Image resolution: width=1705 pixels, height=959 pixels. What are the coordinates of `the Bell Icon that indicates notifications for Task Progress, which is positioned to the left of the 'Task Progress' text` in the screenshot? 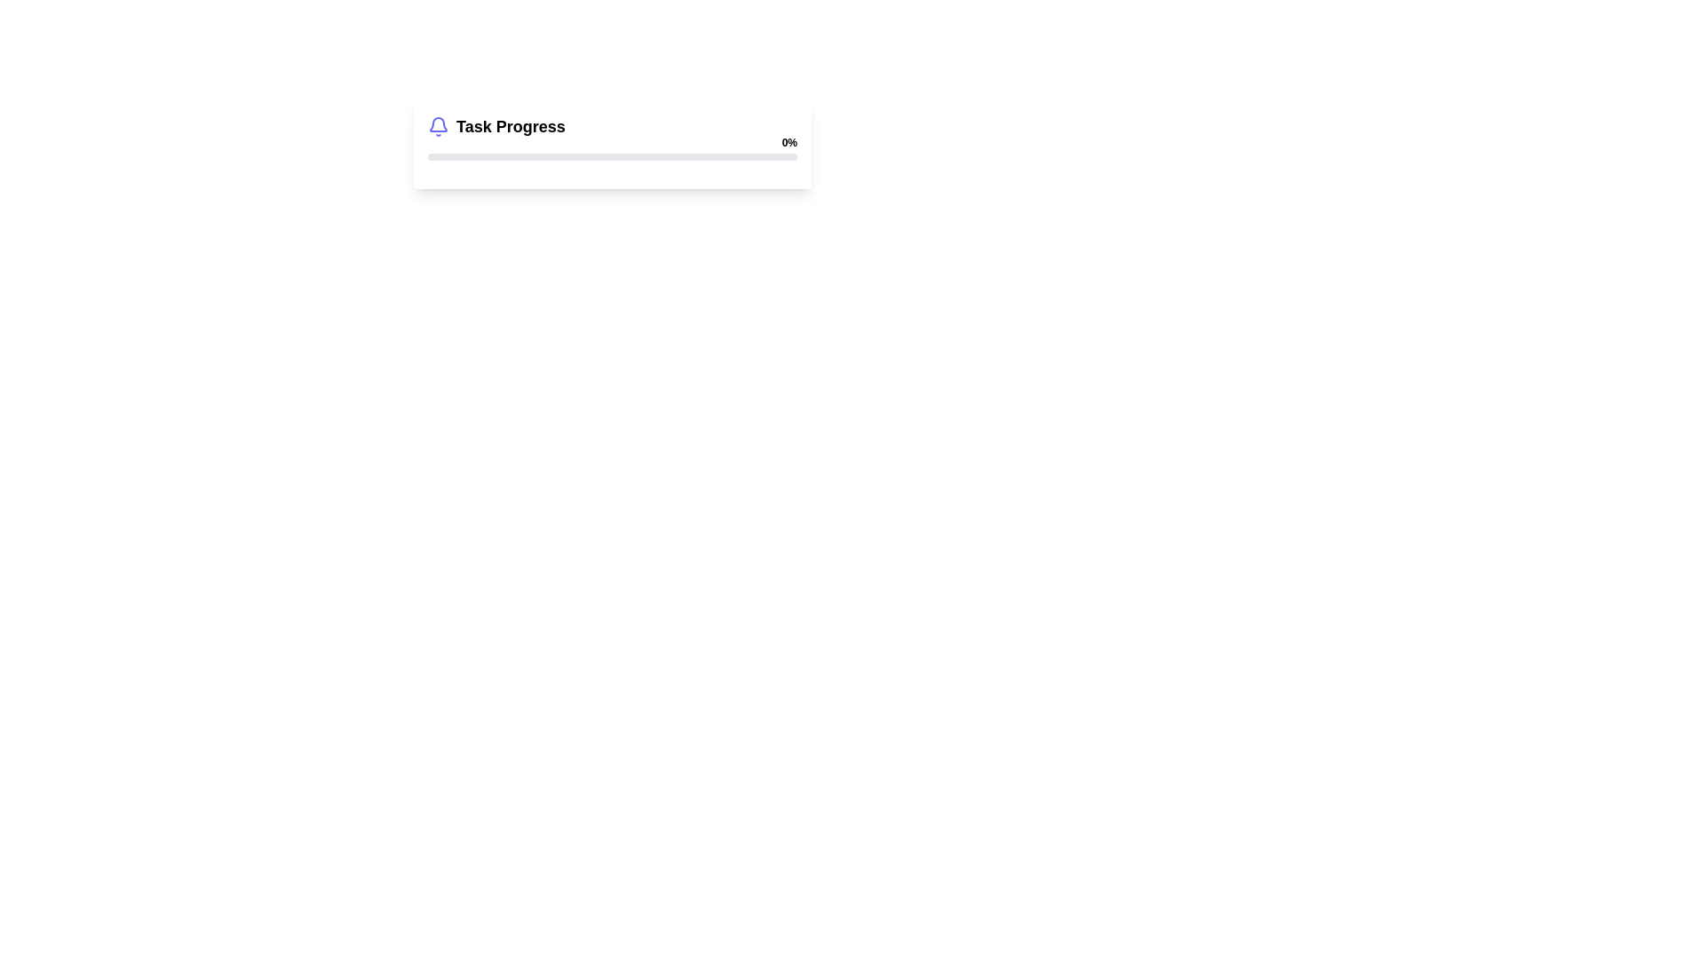 It's located at (439, 125).